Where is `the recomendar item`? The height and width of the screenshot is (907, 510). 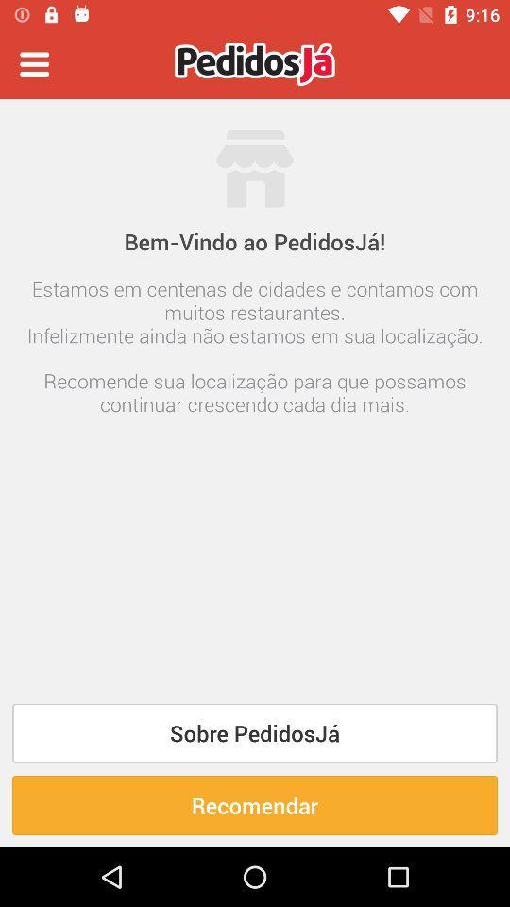 the recomendar item is located at coordinates (255, 804).